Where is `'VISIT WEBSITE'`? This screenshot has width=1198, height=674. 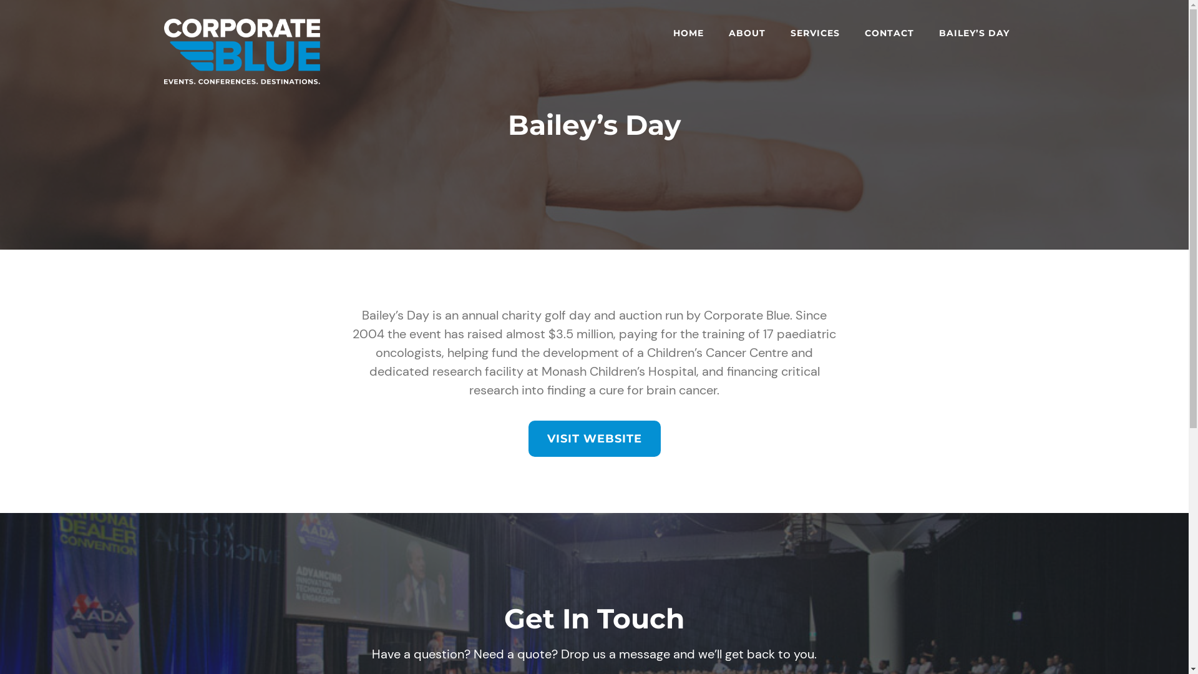 'VISIT WEBSITE' is located at coordinates (593, 437).